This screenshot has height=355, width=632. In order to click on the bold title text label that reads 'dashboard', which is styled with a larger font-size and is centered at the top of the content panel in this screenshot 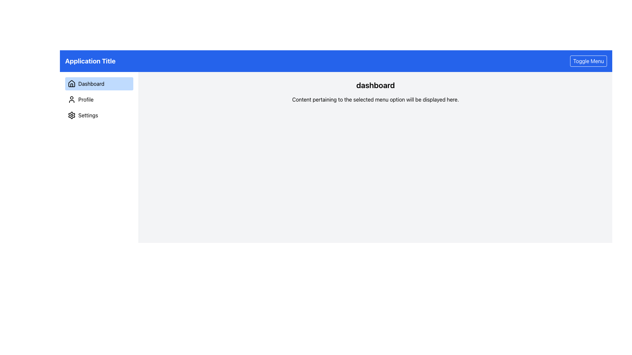, I will do `click(376, 84)`.